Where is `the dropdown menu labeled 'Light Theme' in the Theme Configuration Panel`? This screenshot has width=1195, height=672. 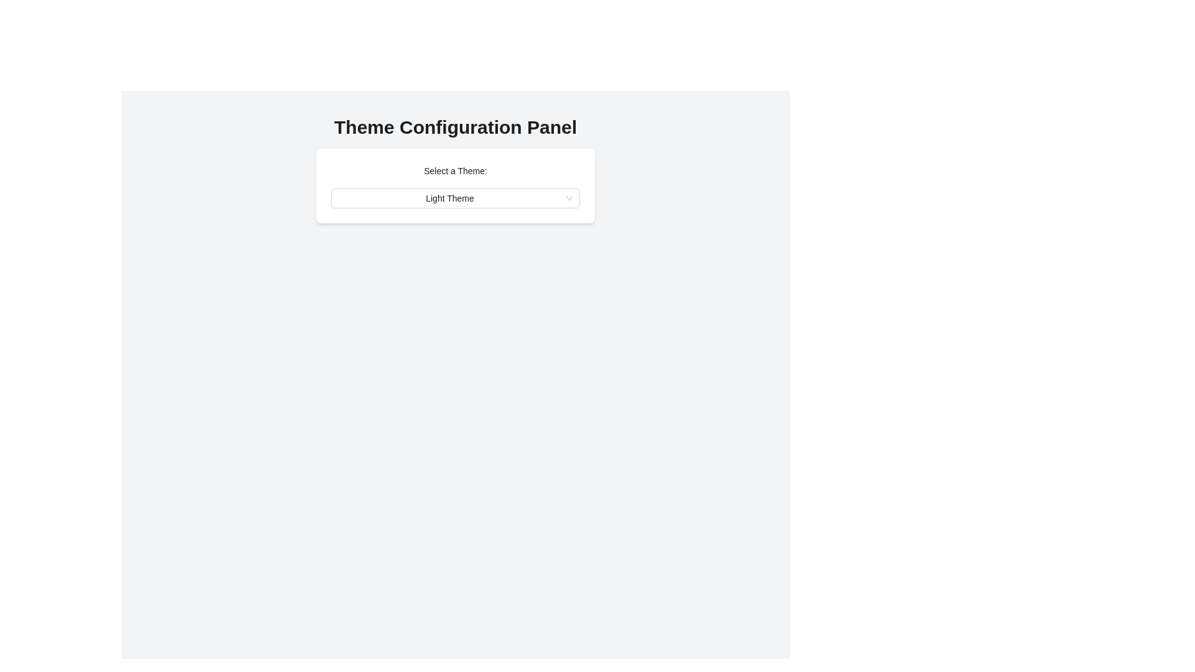
the dropdown menu labeled 'Light Theme' in the Theme Configuration Panel is located at coordinates (454, 198).